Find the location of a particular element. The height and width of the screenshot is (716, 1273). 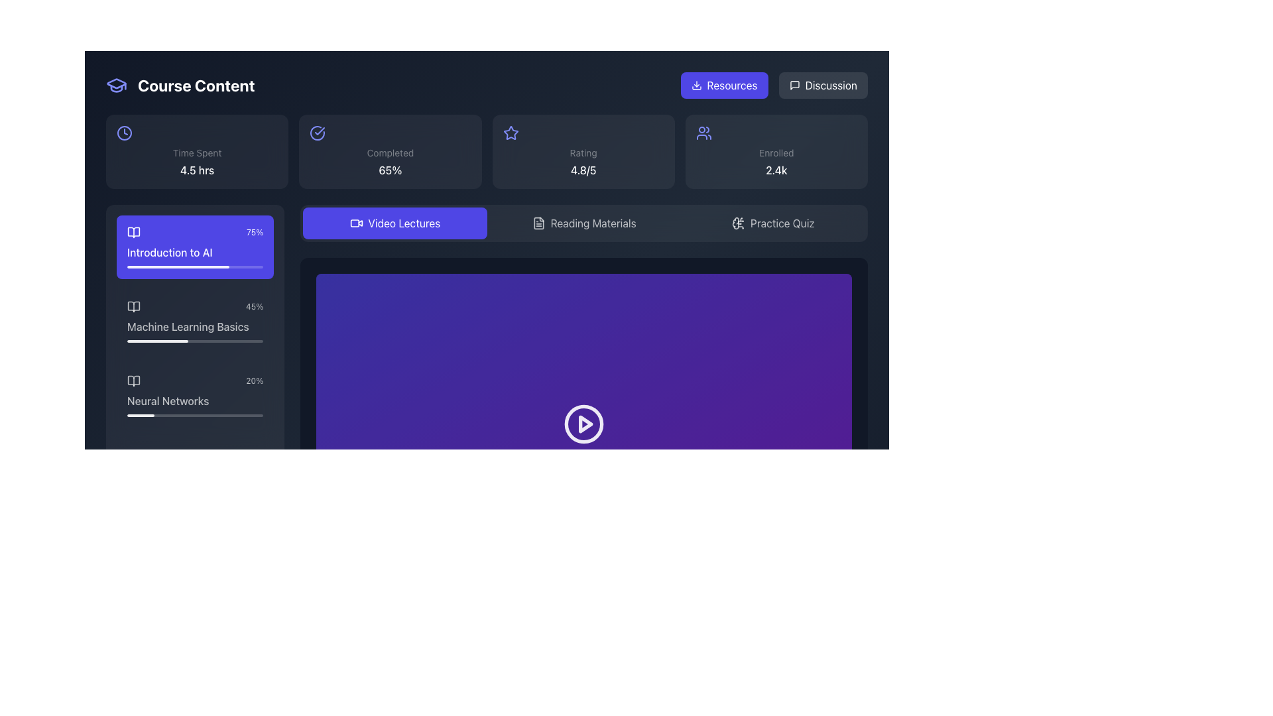

the 'Reading Materials' button, which features a document icon and light text on a dark background is located at coordinates (583, 222).